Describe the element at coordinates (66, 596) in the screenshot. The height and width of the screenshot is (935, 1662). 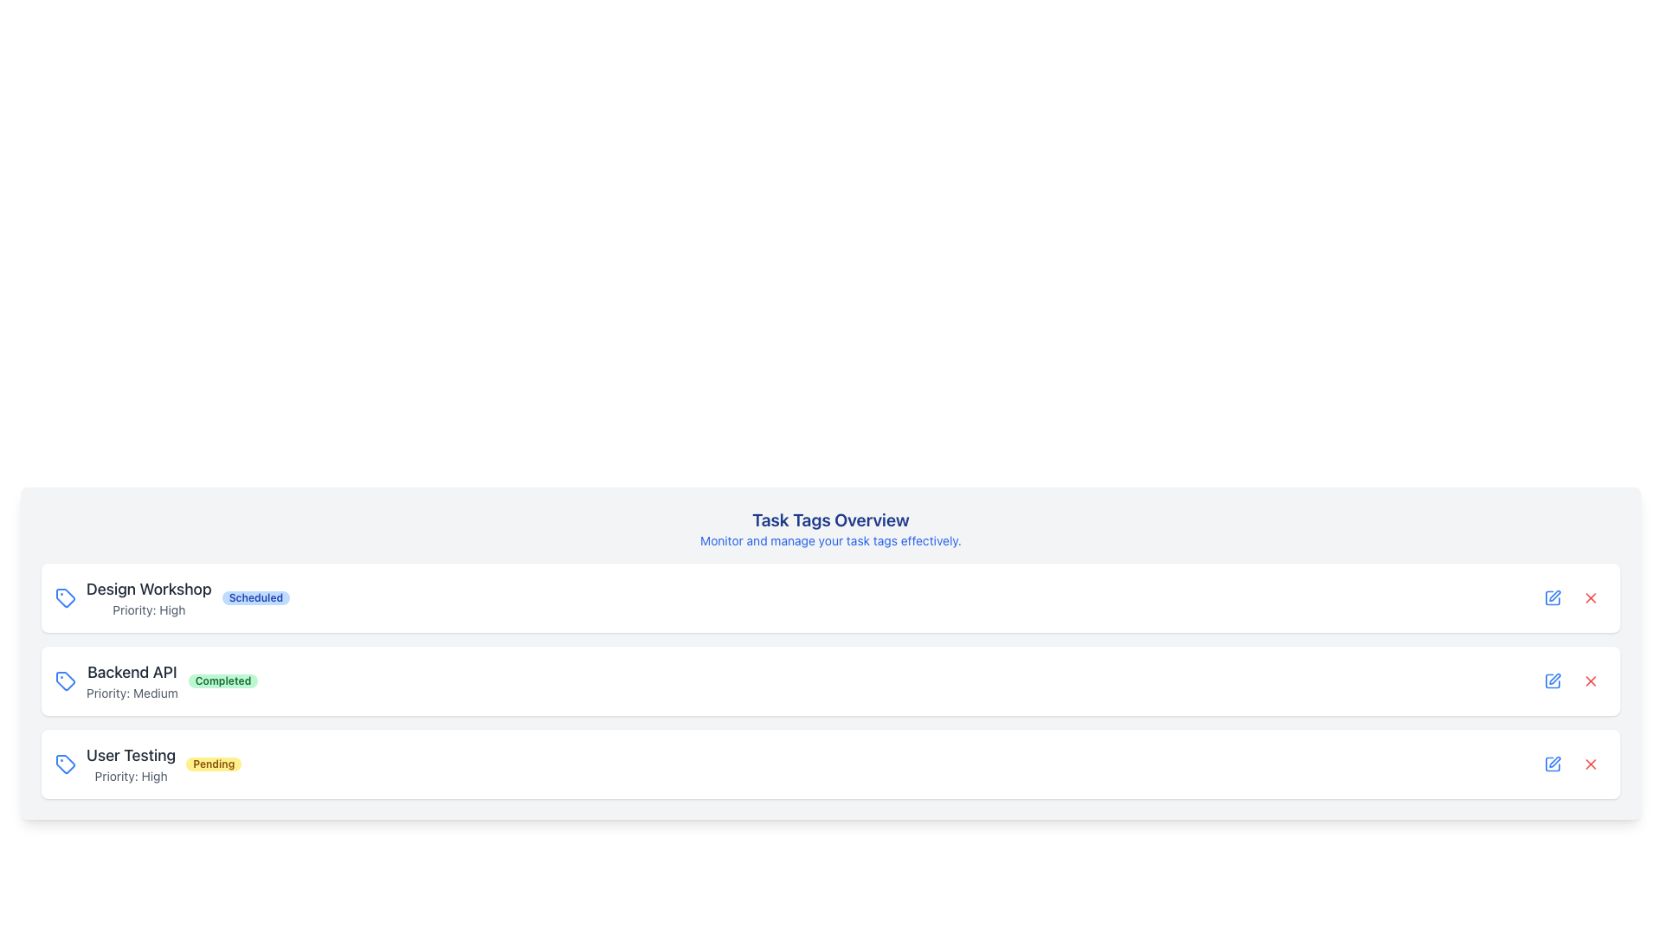
I see `the icon located to the left of the 'Design Workshop' item in the list` at that location.